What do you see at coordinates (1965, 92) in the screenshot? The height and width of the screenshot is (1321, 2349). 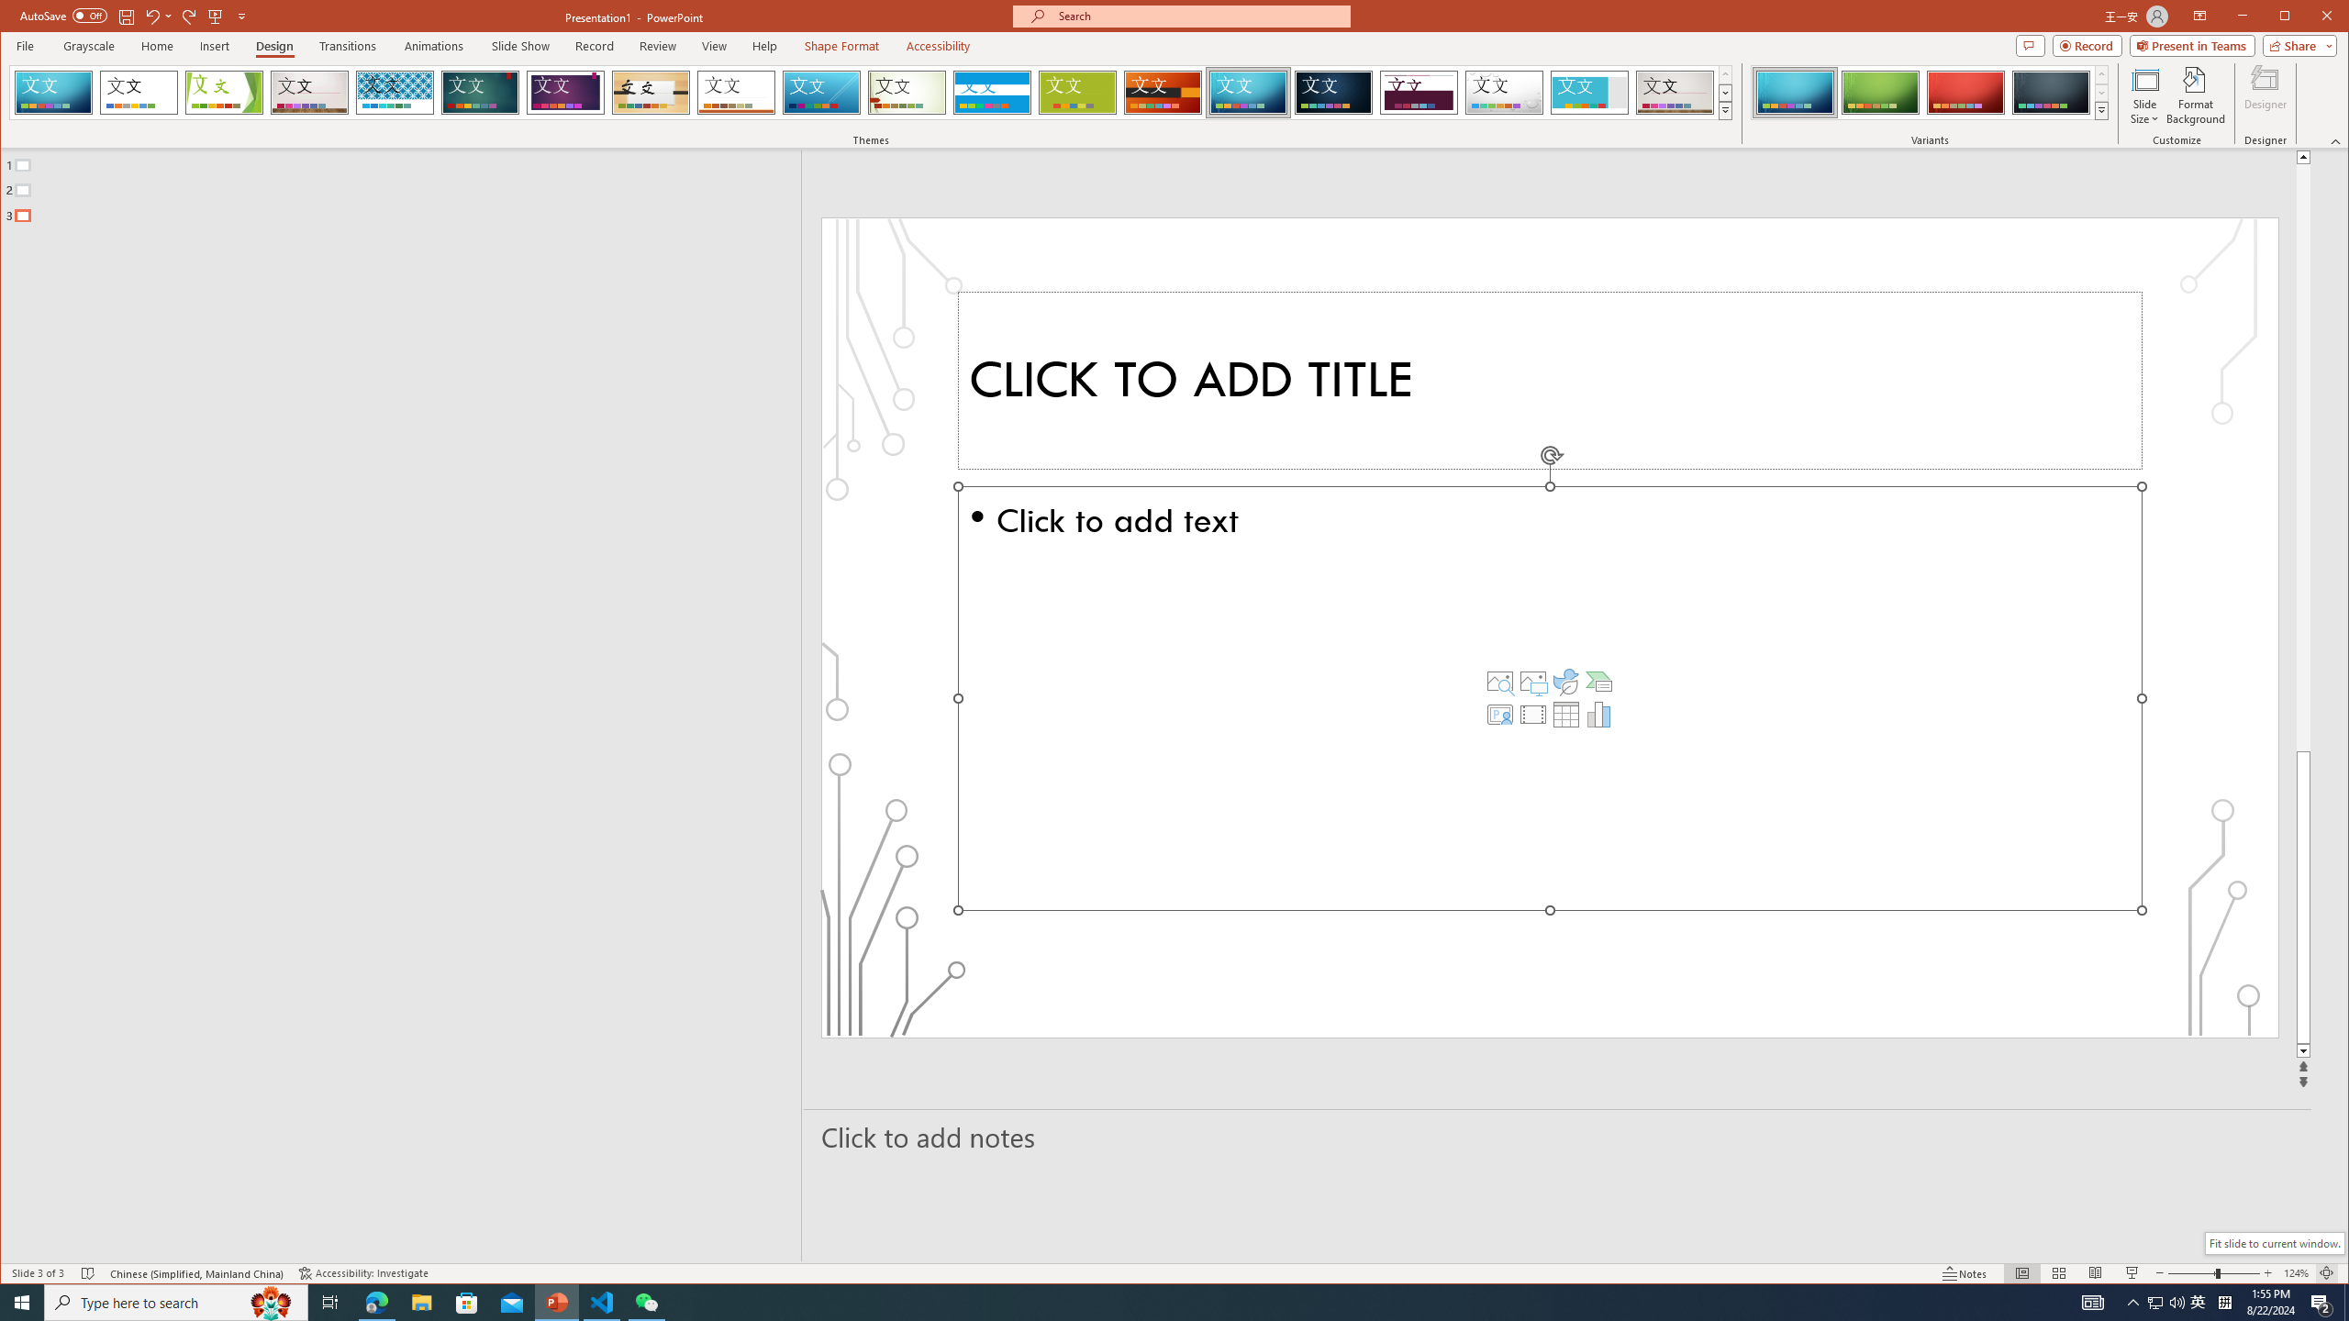 I see `'Circuit Variant 3'` at bounding box center [1965, 92].